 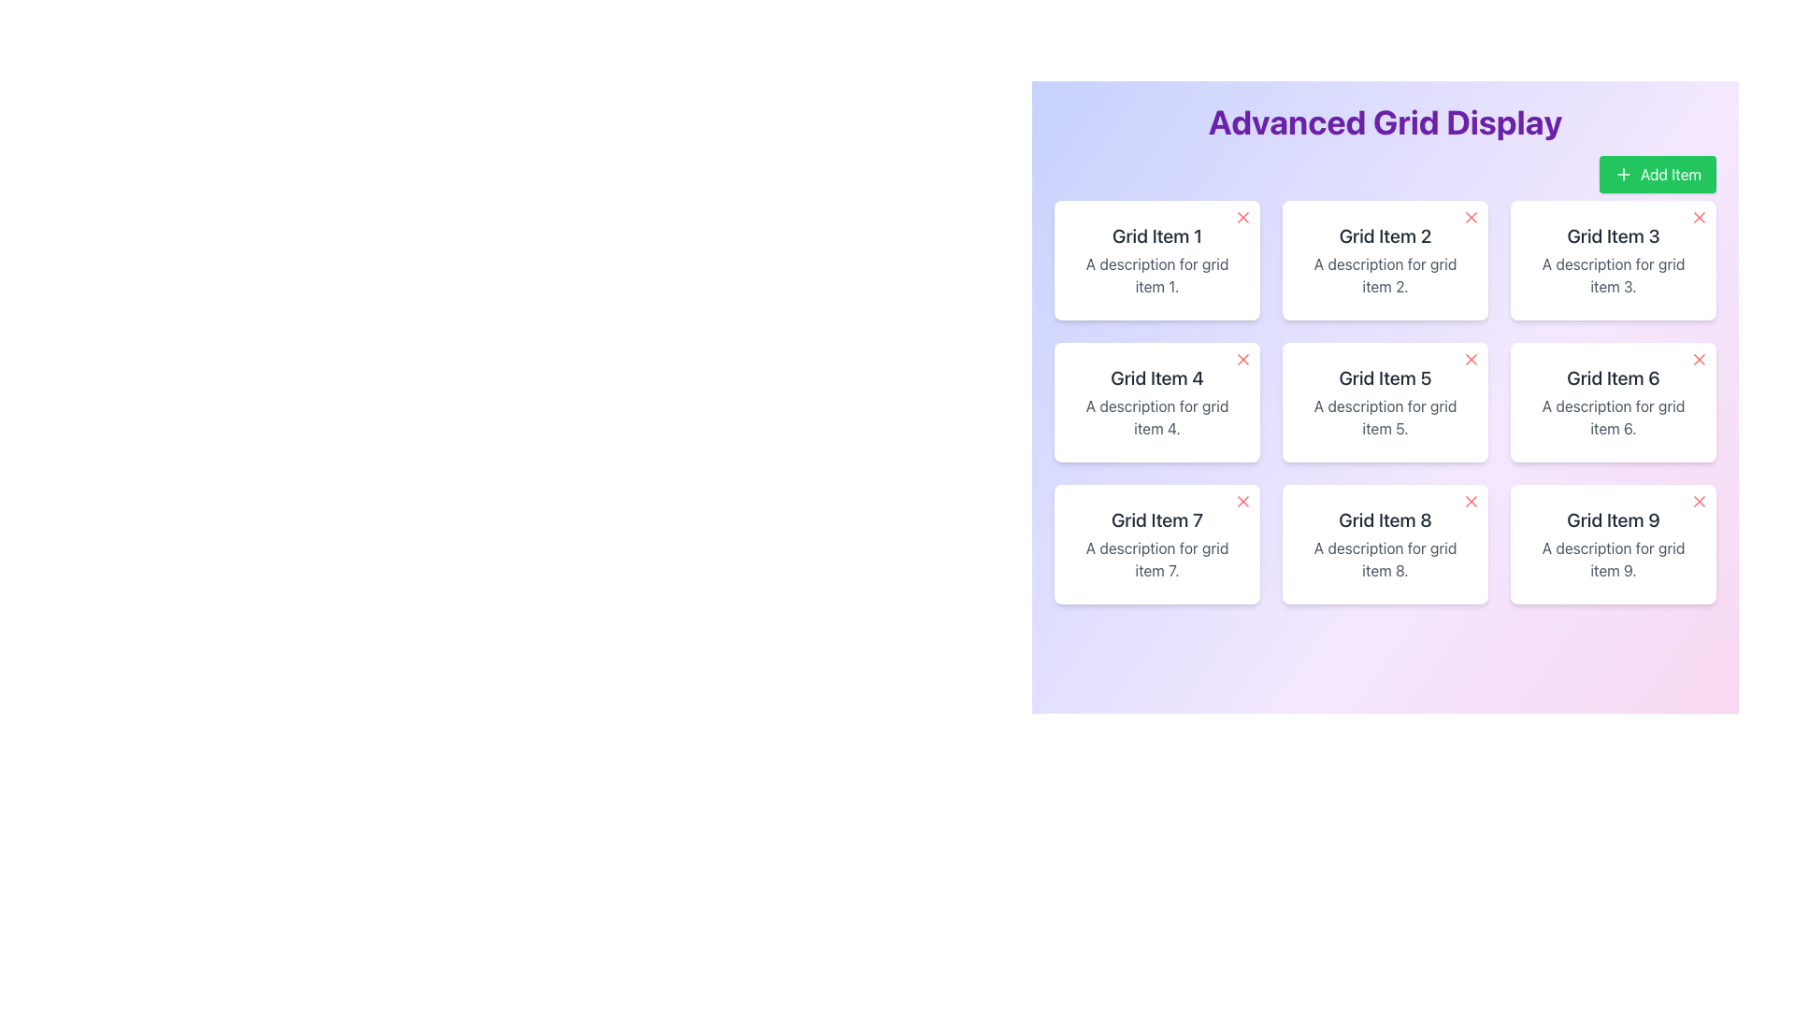 What do you see at coordinates (1613, 519) in the screenshot?
I see `context of the text label reading 'Grid Item 9' located in the bottom-right card of a 3x3 grid layout` at bounding box center [1613, 519].